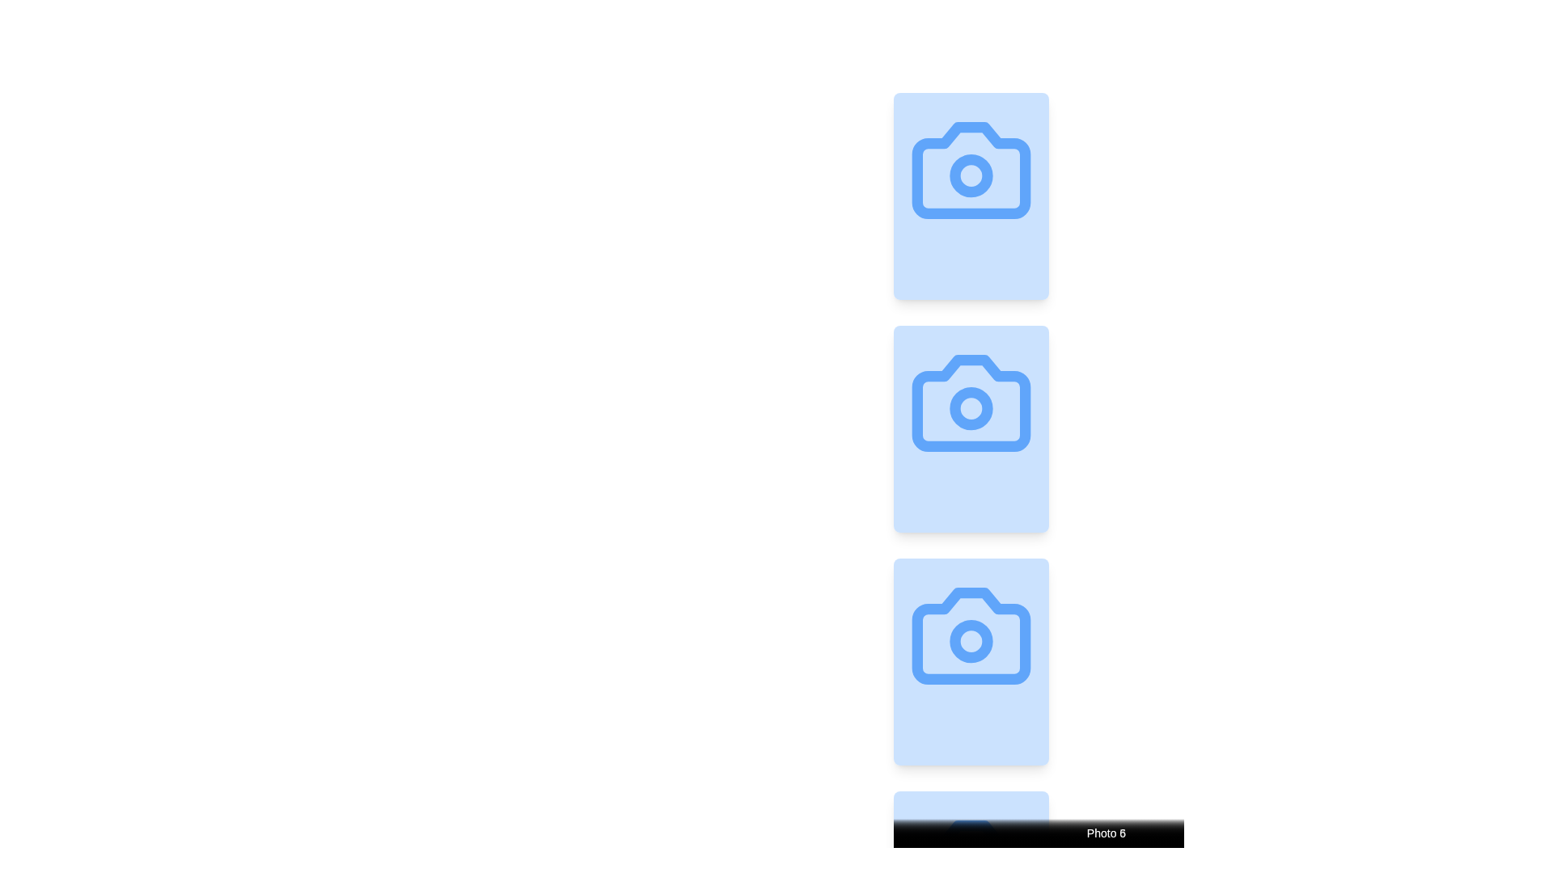  What do you see at coordinates (1106, 833) in the screenshot?
I see `the text label that reads 'Photo 6' located on a black gradient bar at the bottom of the last image in a vertical layout` at bounding box center [1106, 833].